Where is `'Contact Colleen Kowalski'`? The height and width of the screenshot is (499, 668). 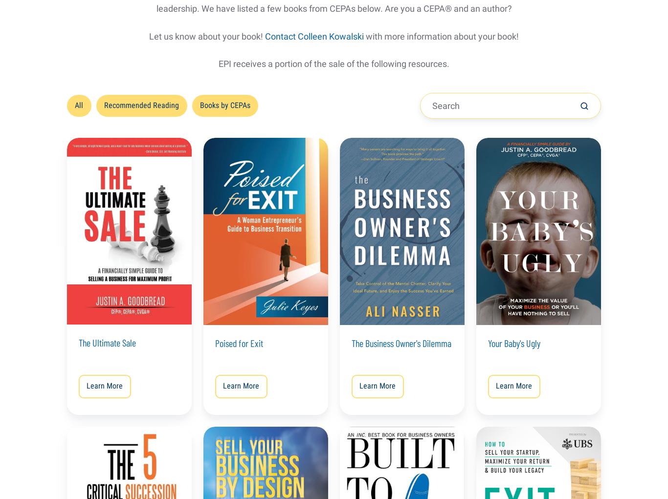 'Contact Colleen Kowalski' is located at coordinates (313, 36).